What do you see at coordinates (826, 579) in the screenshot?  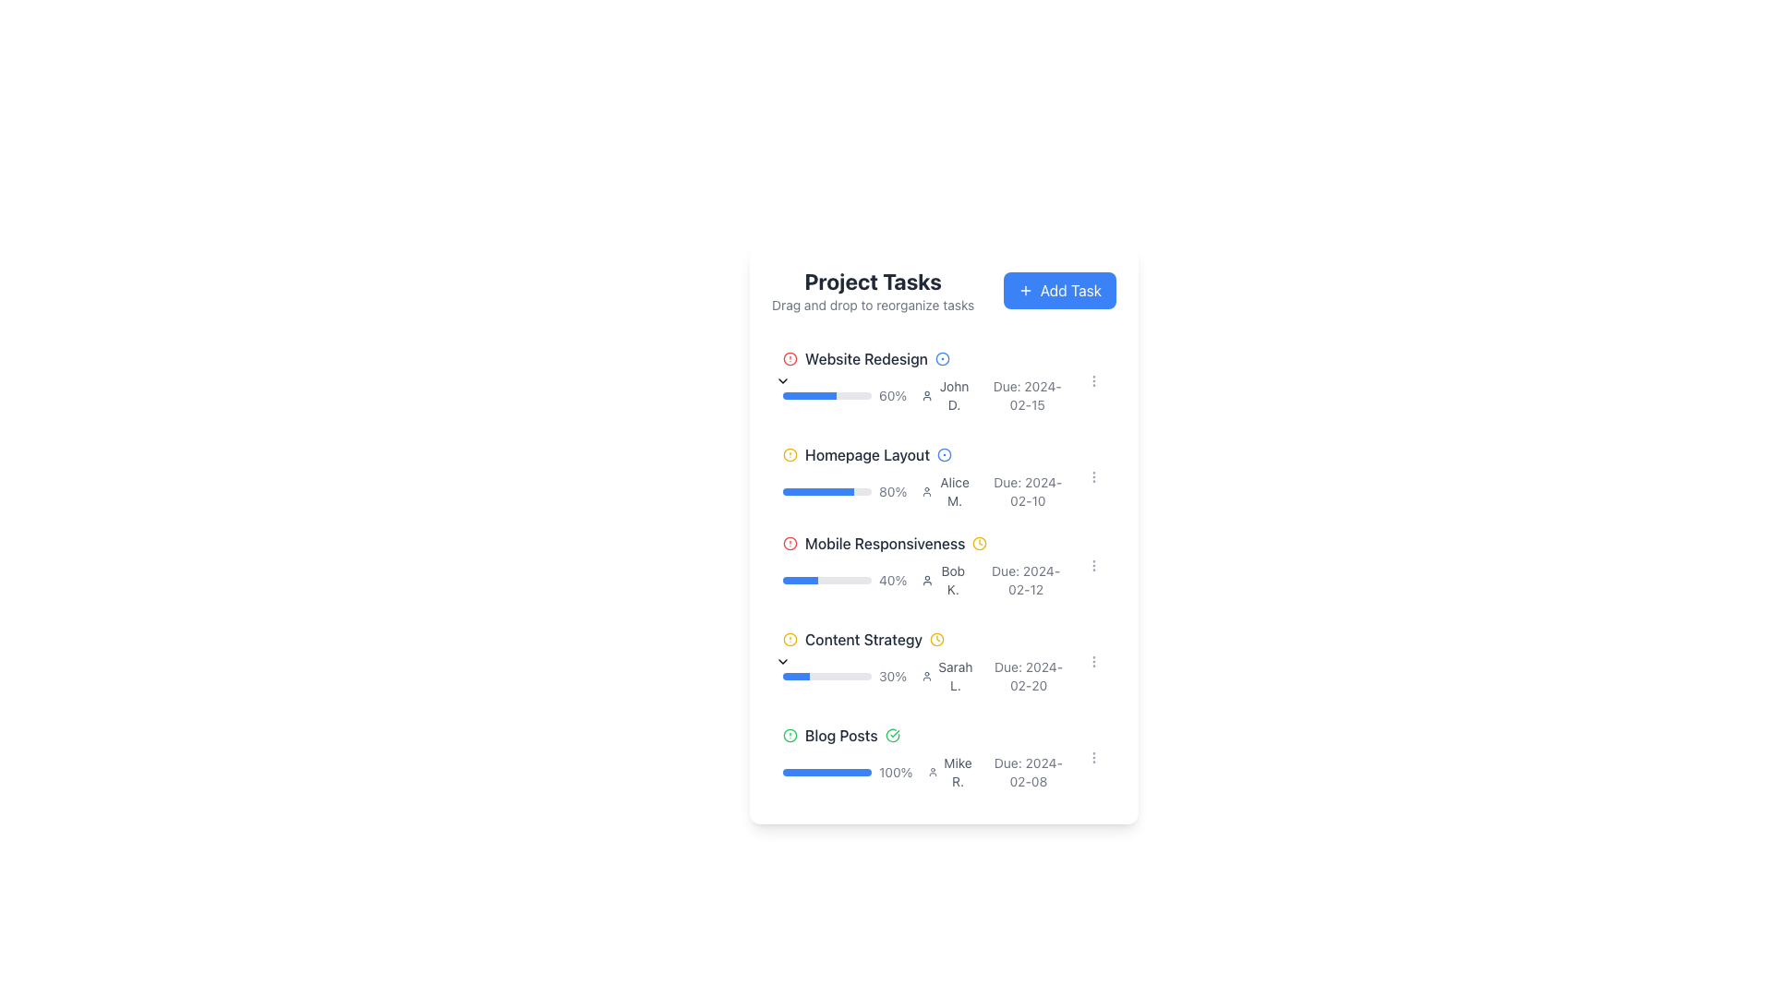 I see `the progress bar that visually indicates the completion percentage of the 'Mobile Responsiveness' task, located above the '40%' text` at bounding box center [826, 579].